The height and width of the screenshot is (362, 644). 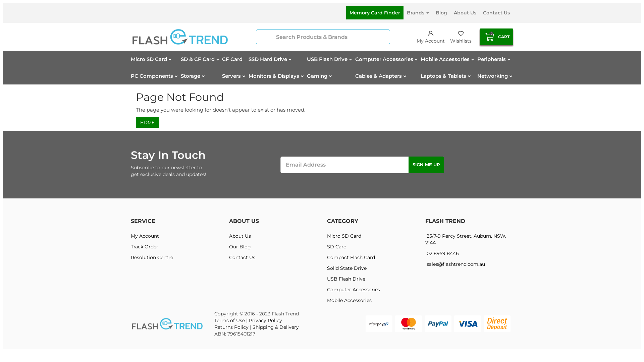 What do you see at coordinates (494, 59) in the screenshot?
I see `'Peripherals'` at bounding box center [494, 59].